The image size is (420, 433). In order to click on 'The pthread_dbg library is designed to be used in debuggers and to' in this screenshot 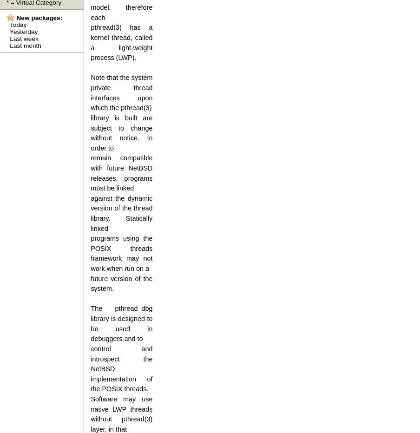, I will do `click(121, 323)`.